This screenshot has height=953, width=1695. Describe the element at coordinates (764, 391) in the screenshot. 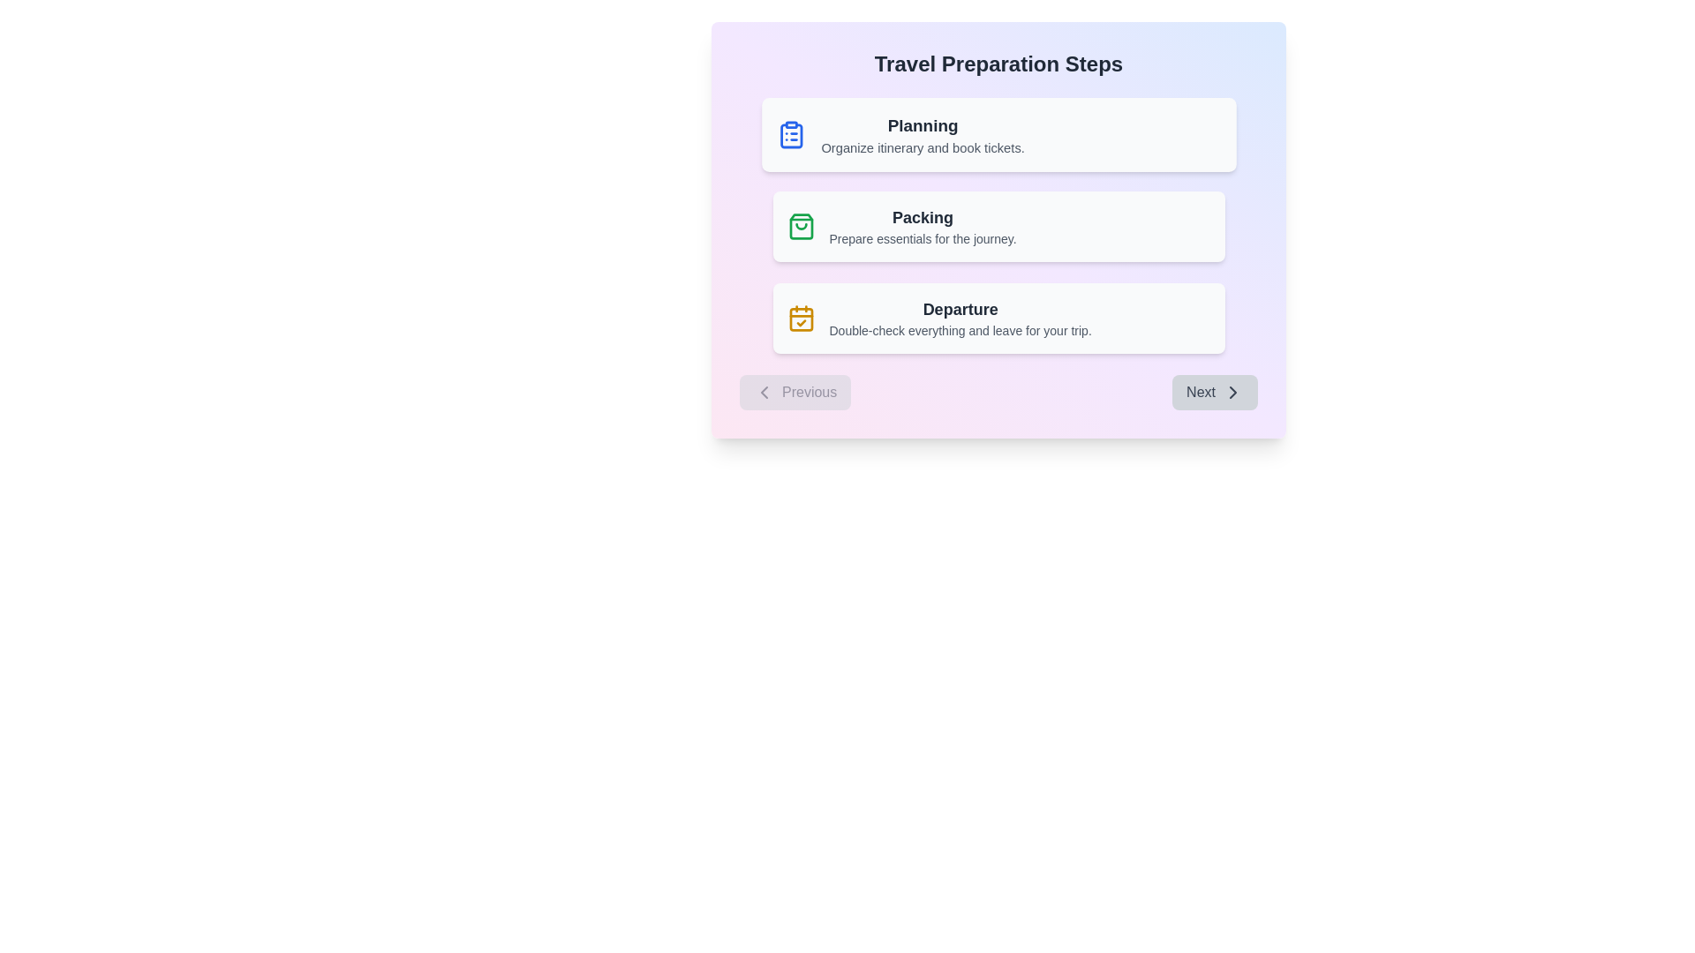

I see `the chevron icon within the 'Previous' button, which indicates the back-navigation functionality` at that location.